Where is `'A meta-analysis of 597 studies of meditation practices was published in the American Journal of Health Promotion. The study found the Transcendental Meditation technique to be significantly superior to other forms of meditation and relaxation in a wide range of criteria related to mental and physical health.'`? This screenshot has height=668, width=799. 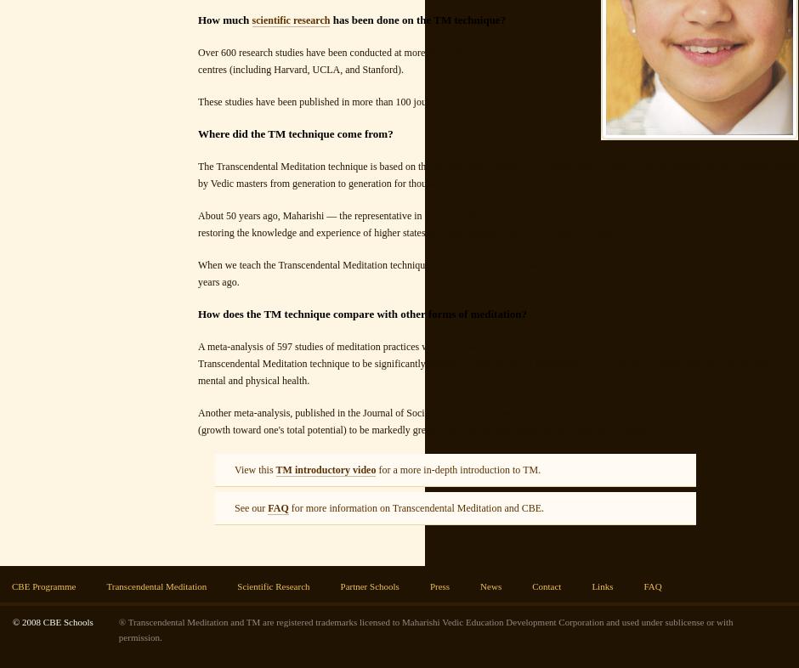 'A meta-analysis of 597 studies of meditation practices was published in the American Journal of Health Promotion. The study found the Transcendental Meditation technique to be significantly superior to other forms of meditation and relaxation in a wide range of criteria related to mental and physical health.' is located at coordinates (492, 362).